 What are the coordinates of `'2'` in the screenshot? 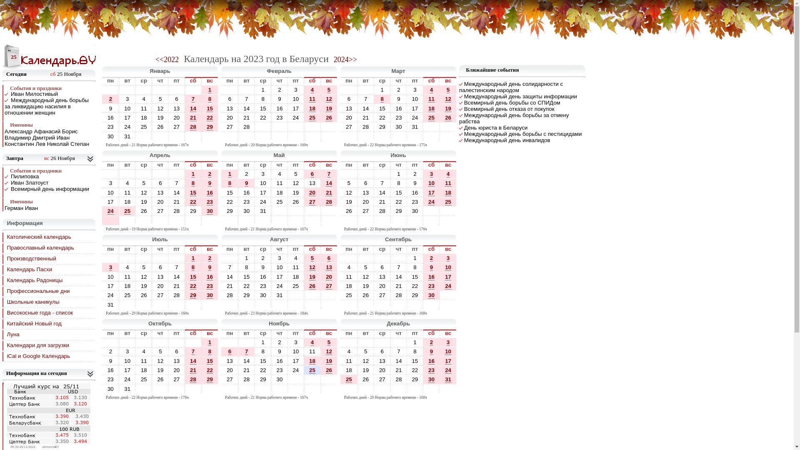 It's located at (245, 173).